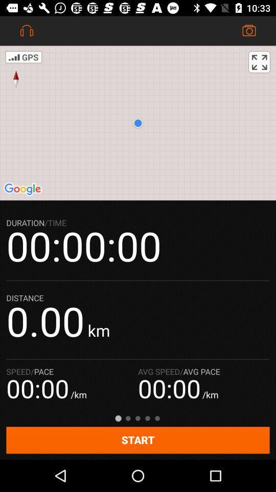  What do you see at coordinates (27, 30) in the screenshot?
I see `the notifications icon` at bounding box center [27, 30].